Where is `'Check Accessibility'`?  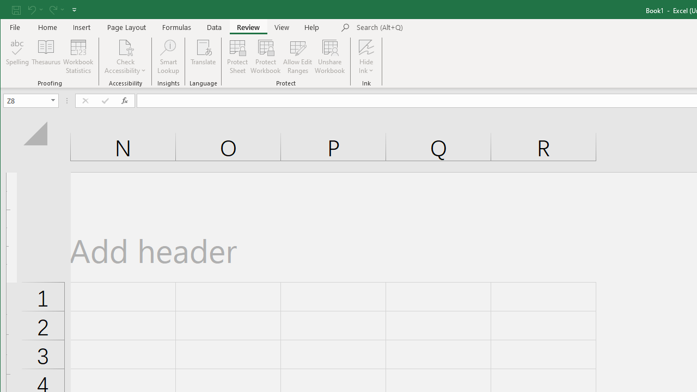
'Check Accessibility' is located at coordinates (125, 57).